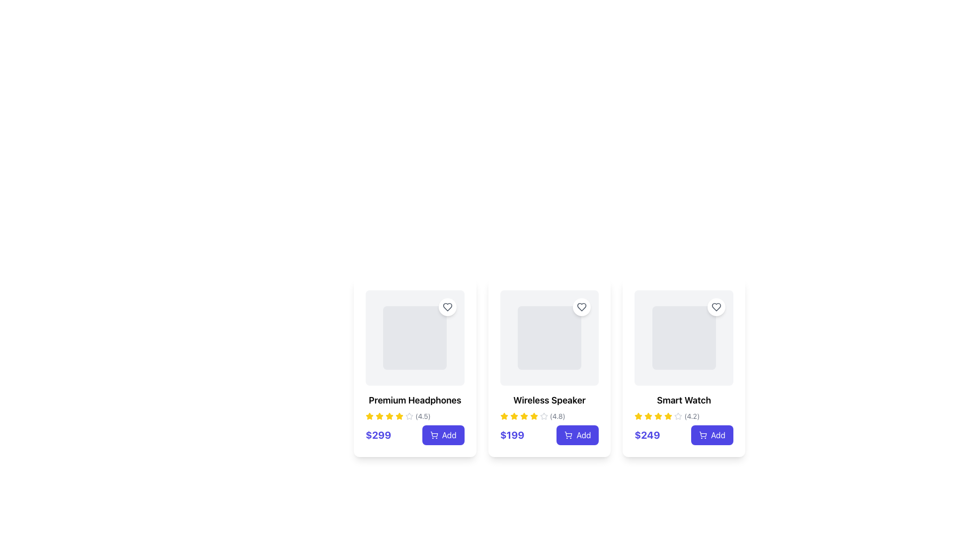  I want to click on fourth star icon in the 4.5-star rating system for the 'Premium Headphones' product, which is located below the product title and above the price, so click(399, 416).